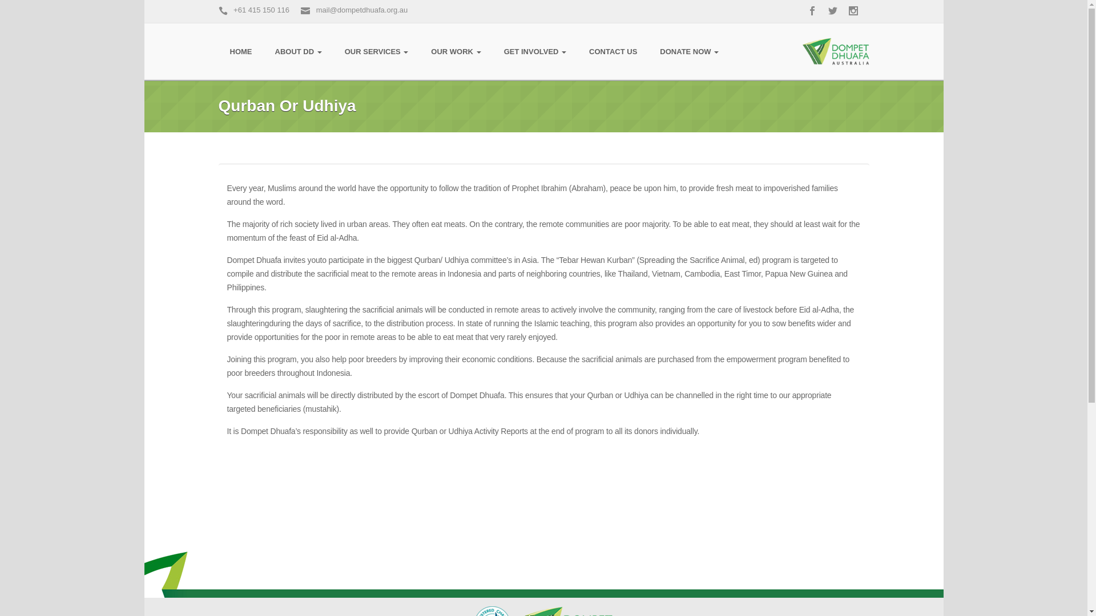 The width and height of the screenshot is (1096, 616). Describe the element at coordinates (688, 52) in the screenshot. I see `'DONATE NOW'` at that location.